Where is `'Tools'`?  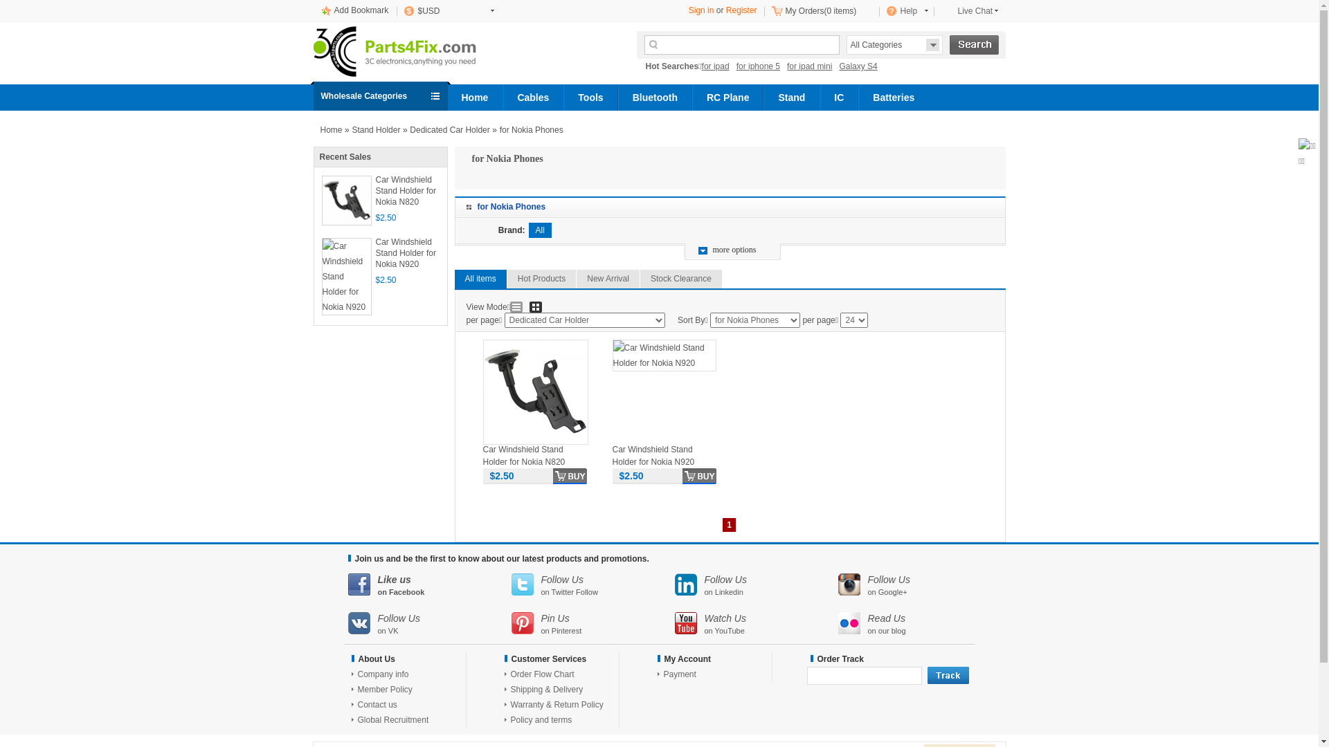 'Tools' is located at coordinates (590, 97).